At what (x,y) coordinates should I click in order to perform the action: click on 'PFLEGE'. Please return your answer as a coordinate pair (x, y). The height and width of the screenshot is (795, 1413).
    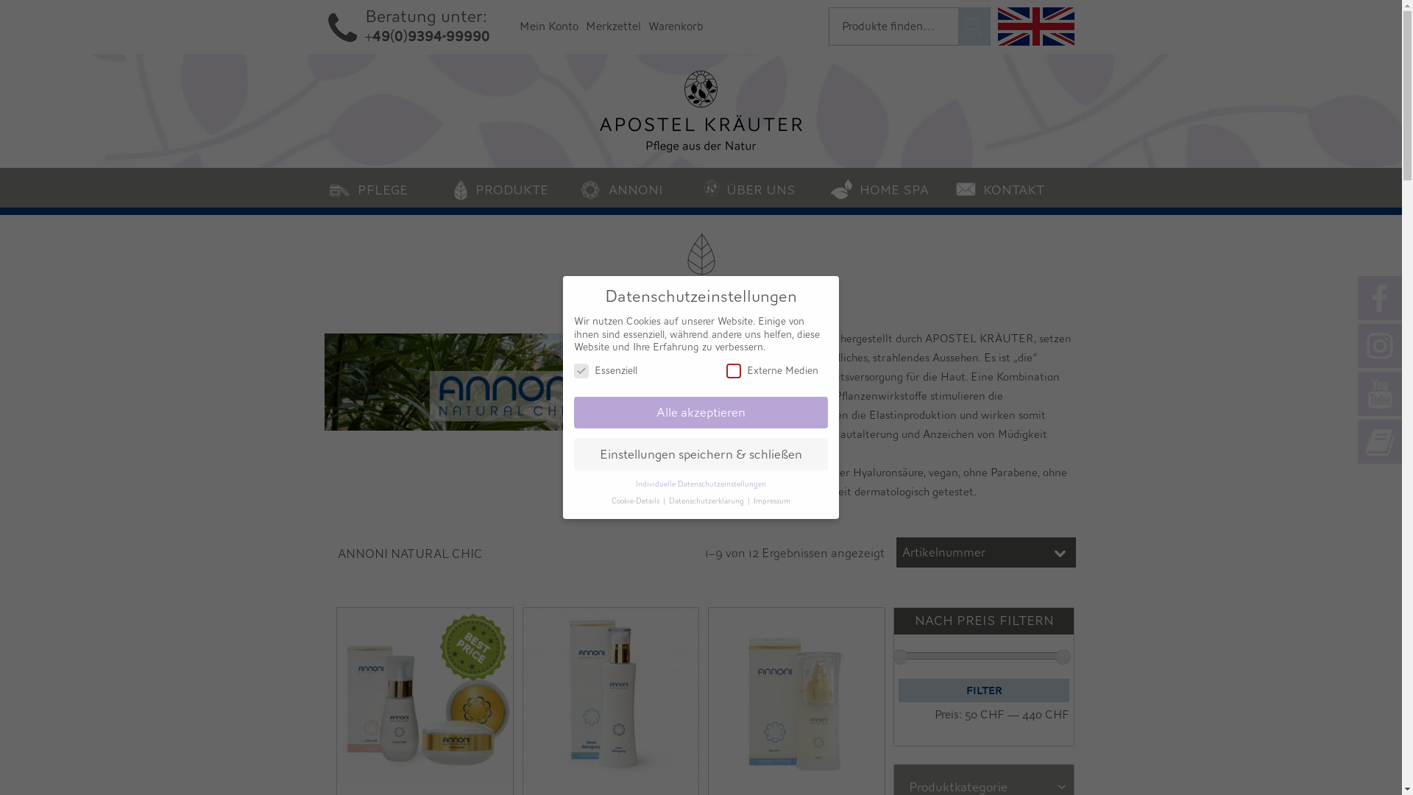
    Looking at the image, I should click on (386, 186).